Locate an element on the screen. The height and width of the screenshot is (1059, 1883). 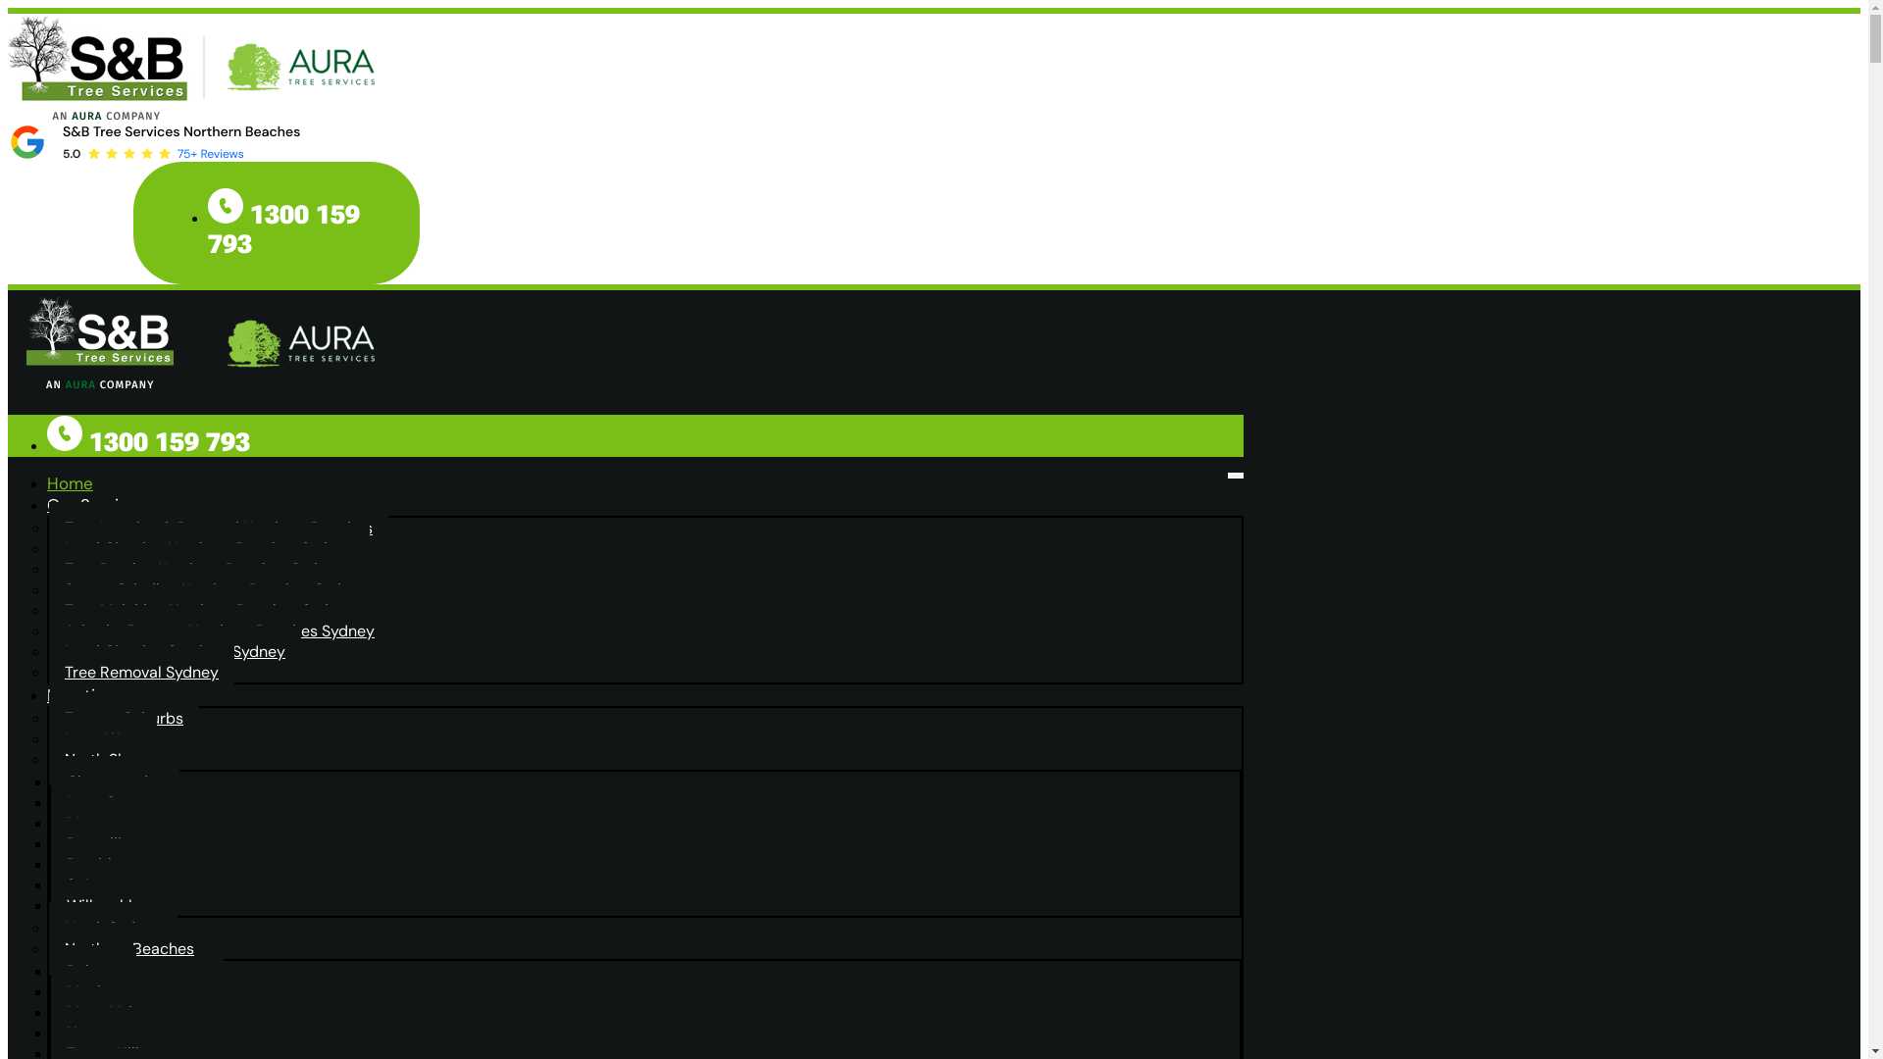
'Inner West' is located at coordinates (102, 738).